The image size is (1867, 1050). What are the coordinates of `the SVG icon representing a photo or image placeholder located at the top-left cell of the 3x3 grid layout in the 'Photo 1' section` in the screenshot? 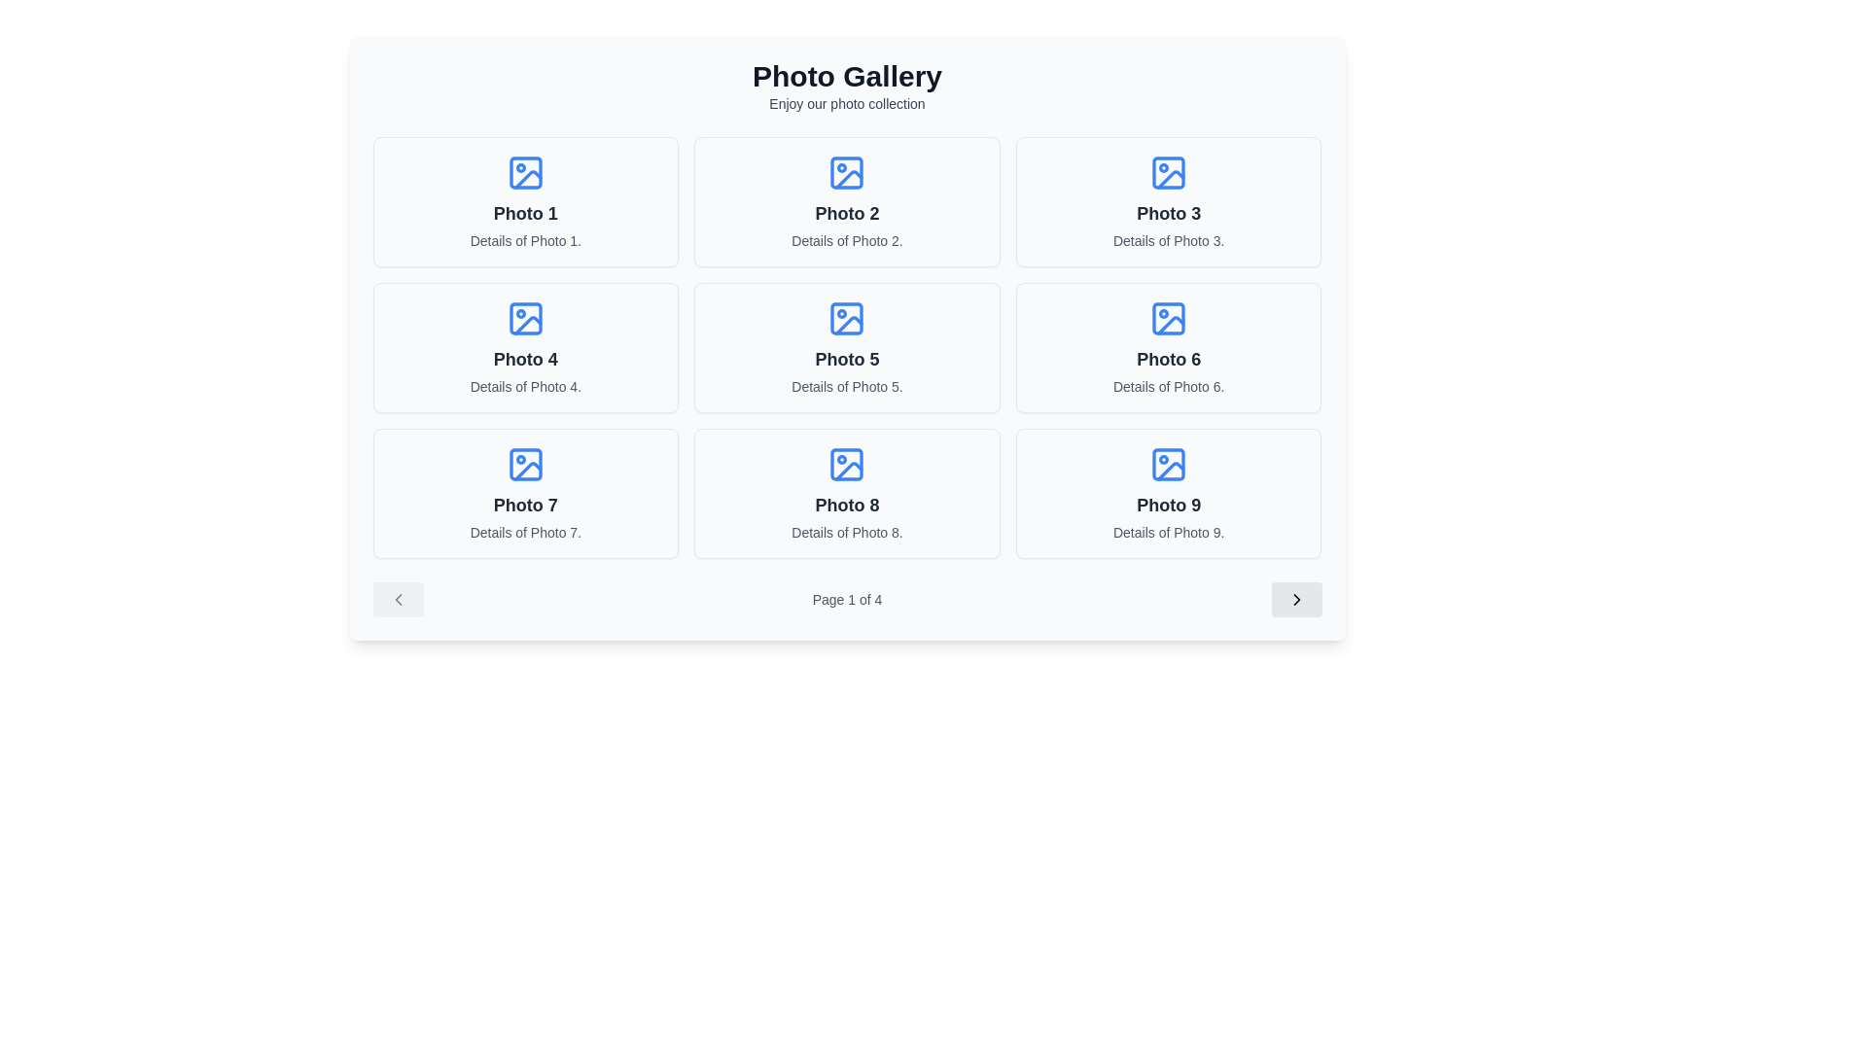 It's located at (525, 171).